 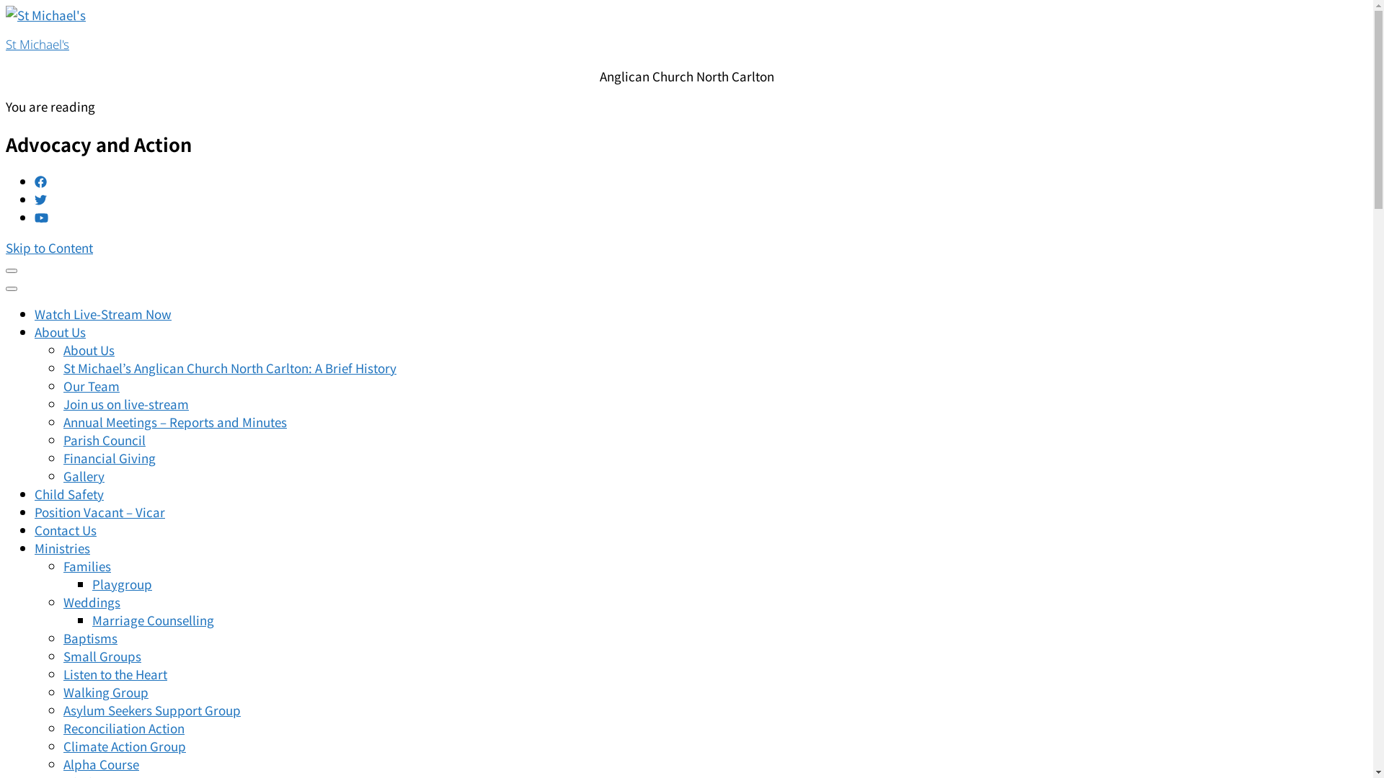 I want to click on 'Playgroup', so click(x=122, y=583).